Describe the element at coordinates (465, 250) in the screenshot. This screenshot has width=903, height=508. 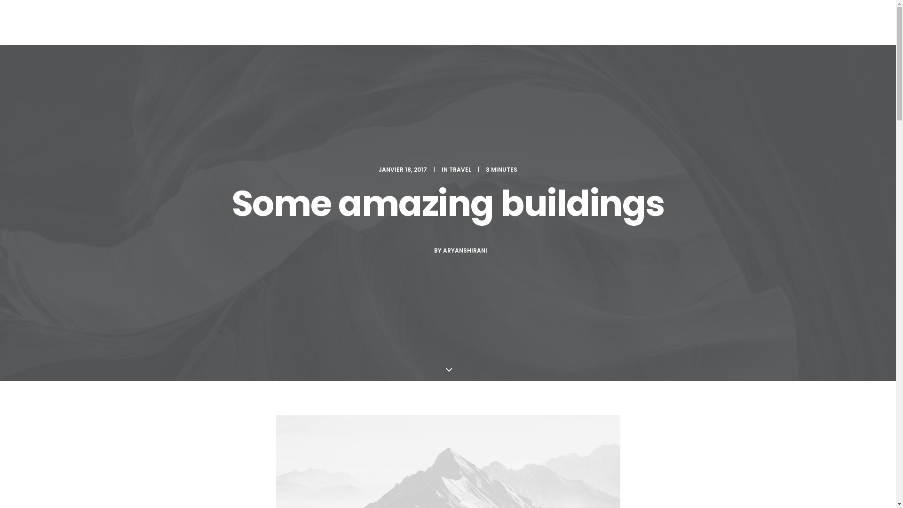
I see `'ARYANSHIRANI'` at that location.